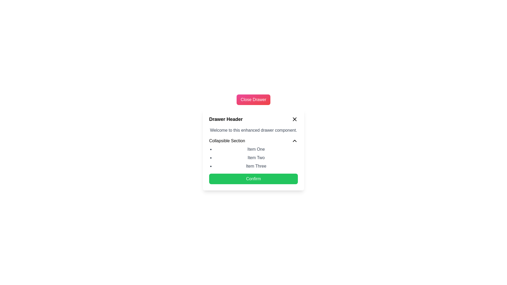  Describe the element at coordinates (256, 149) in the screenshot. I see `the text label reading 'Item One', which is the first item in the bullet-point list under the section titled 'Collapsible Section'` at that location.